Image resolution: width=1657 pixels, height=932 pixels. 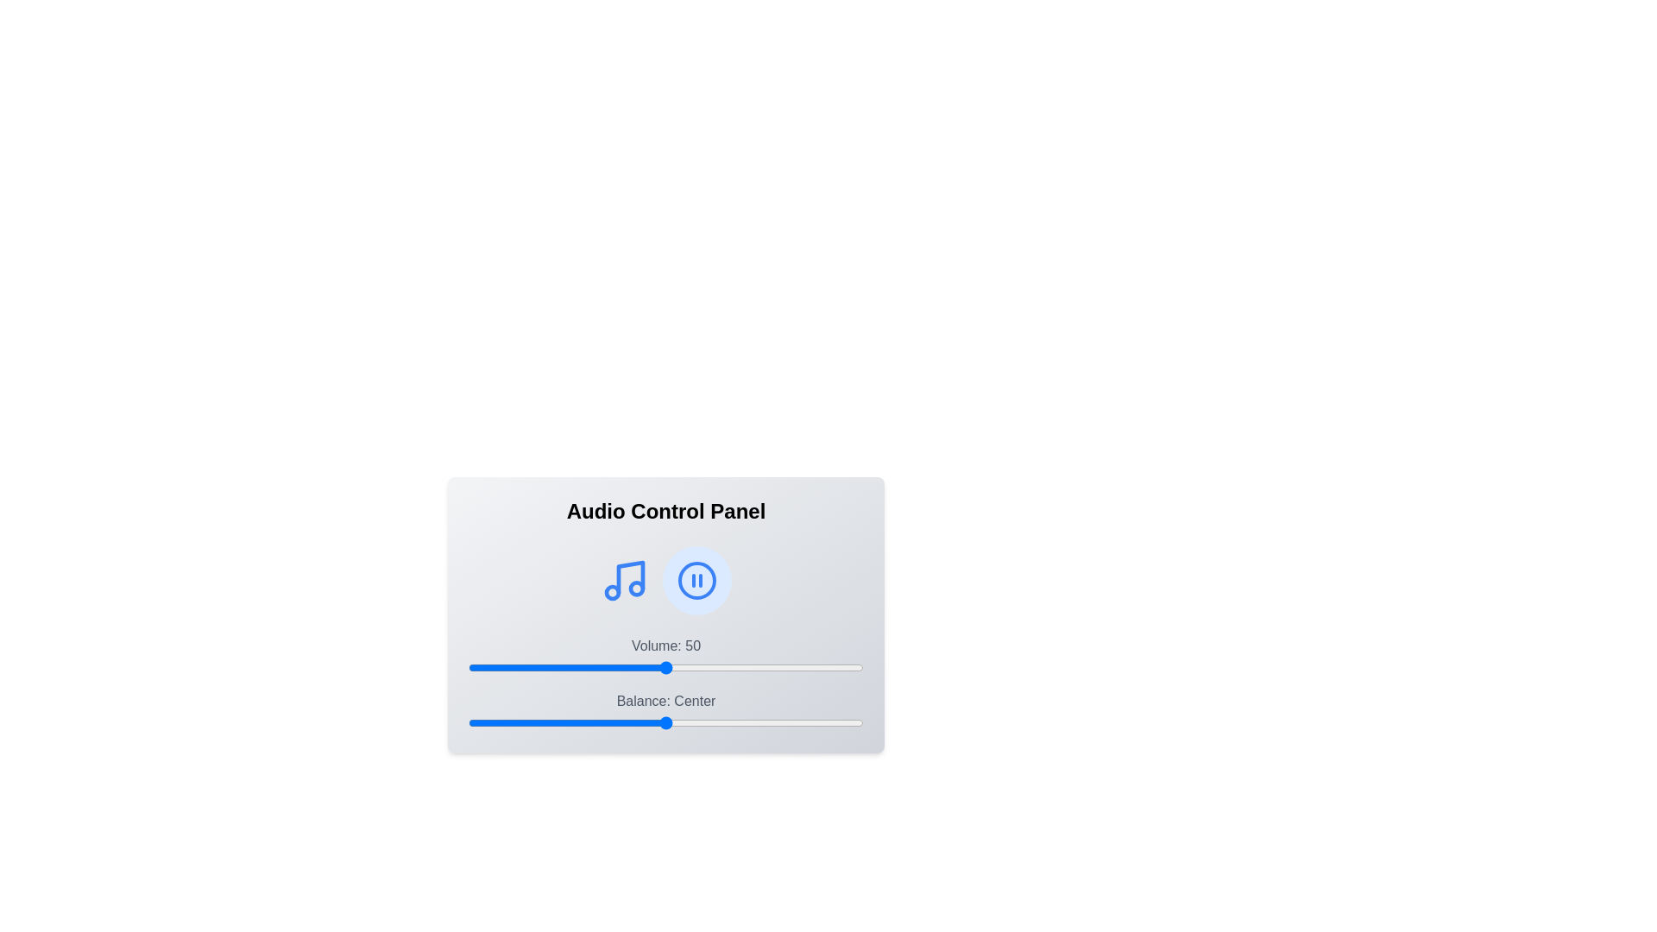 What do you see at coordinates (624, 580) in the screenshot?
I see `the musical note icon, which is the first item on the left in the audio control panel, to interact with it` at bounding box center [624, 580].